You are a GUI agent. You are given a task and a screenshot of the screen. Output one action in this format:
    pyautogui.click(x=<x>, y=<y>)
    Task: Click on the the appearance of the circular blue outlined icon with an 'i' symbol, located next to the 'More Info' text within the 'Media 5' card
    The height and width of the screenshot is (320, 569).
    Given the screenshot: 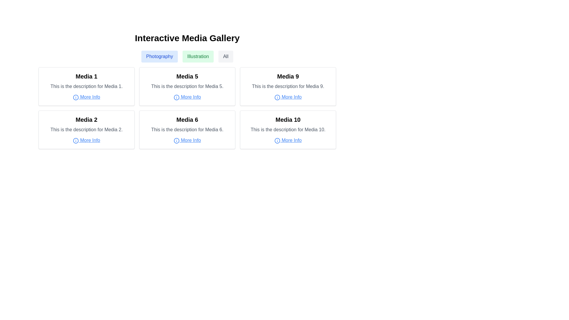 What is the action you would take?
    pyautogui.click(x=176, y=97)
    